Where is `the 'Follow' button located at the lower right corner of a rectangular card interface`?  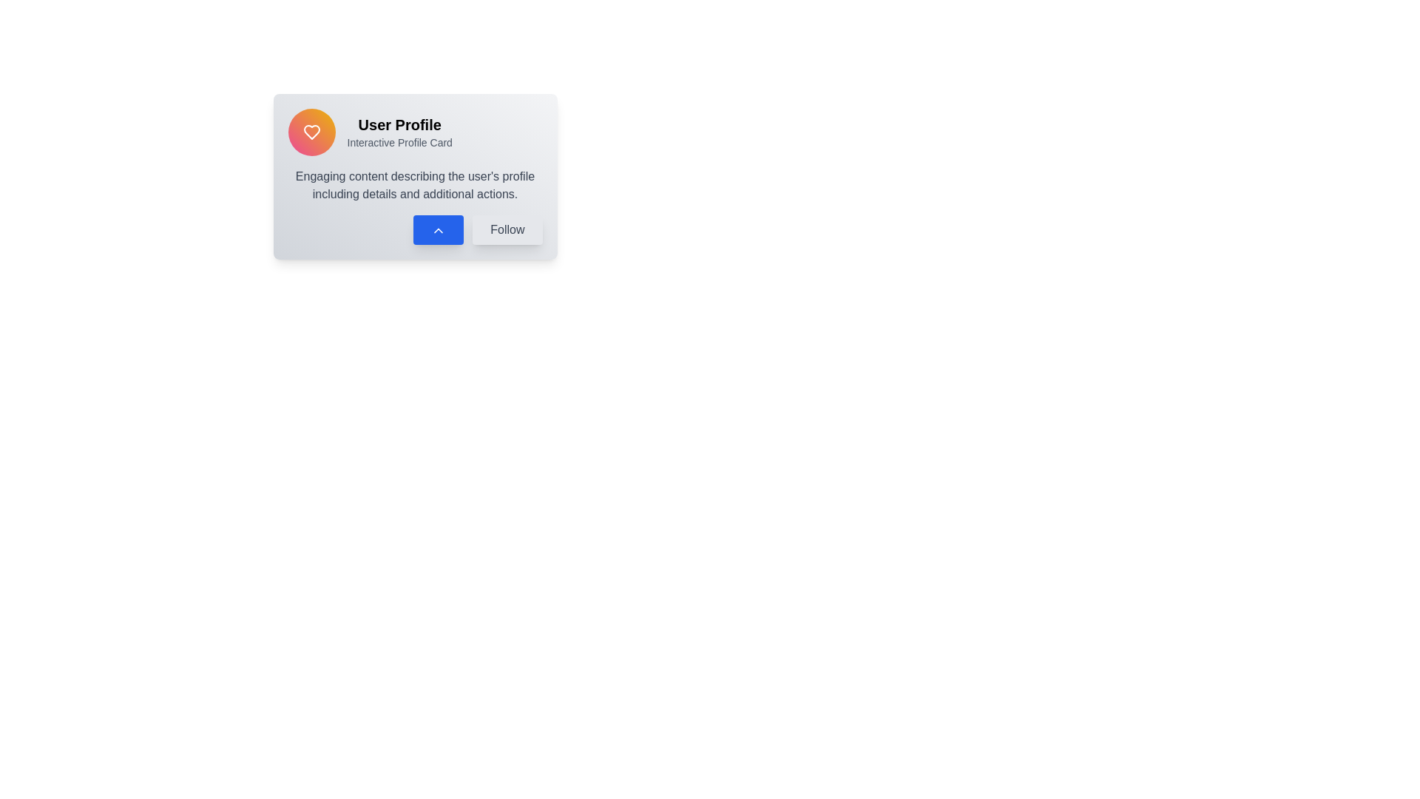
the 'Follow' button located at the lower right corner of a rectangular card interface is located at coordinates (507, 230).